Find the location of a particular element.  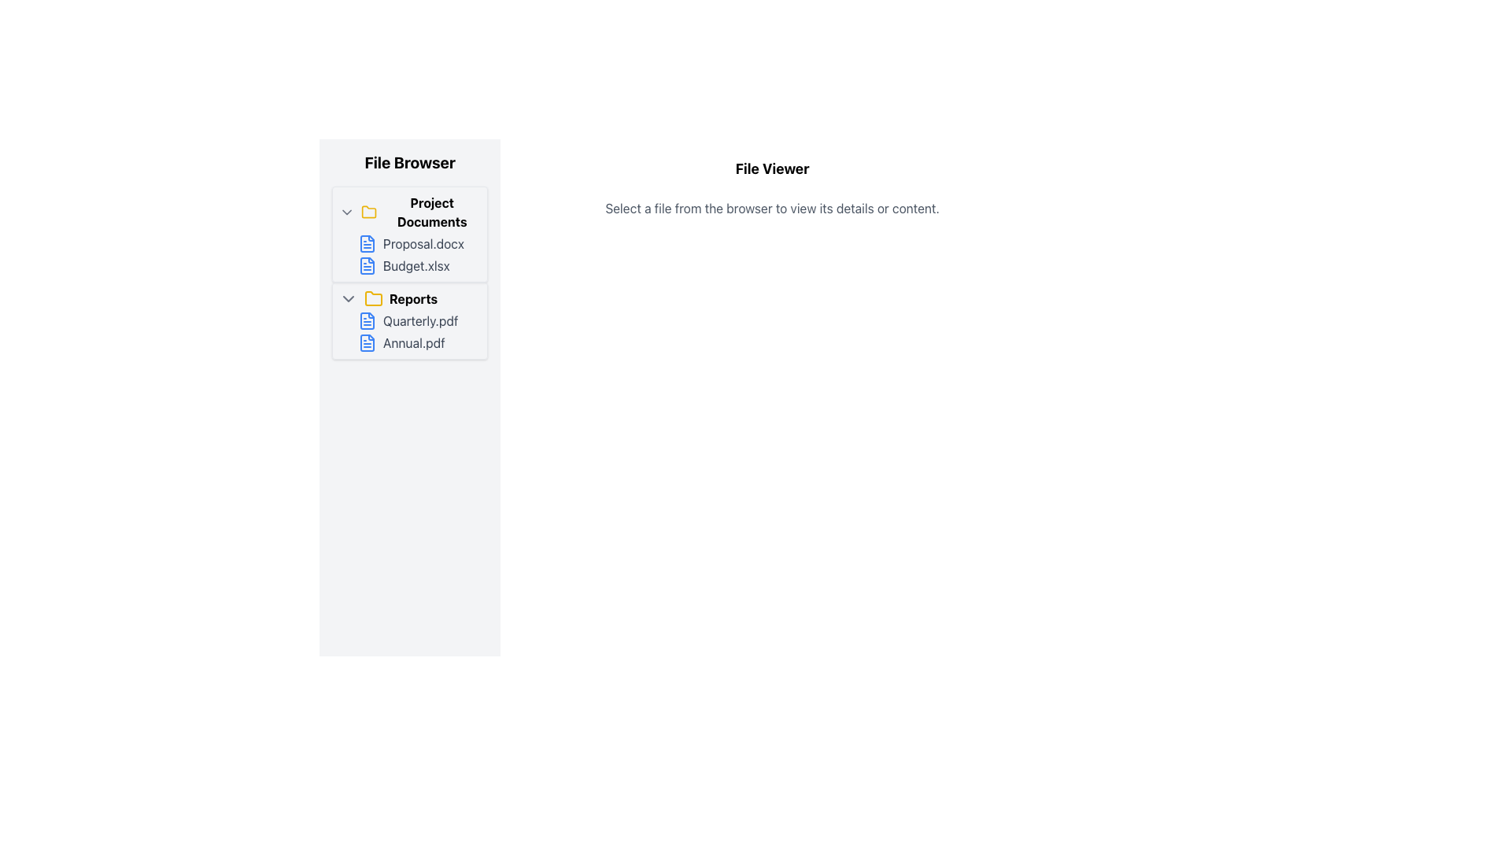

the 'Proposal.docx' text item with an icon located is located at coordinates (419, 243).